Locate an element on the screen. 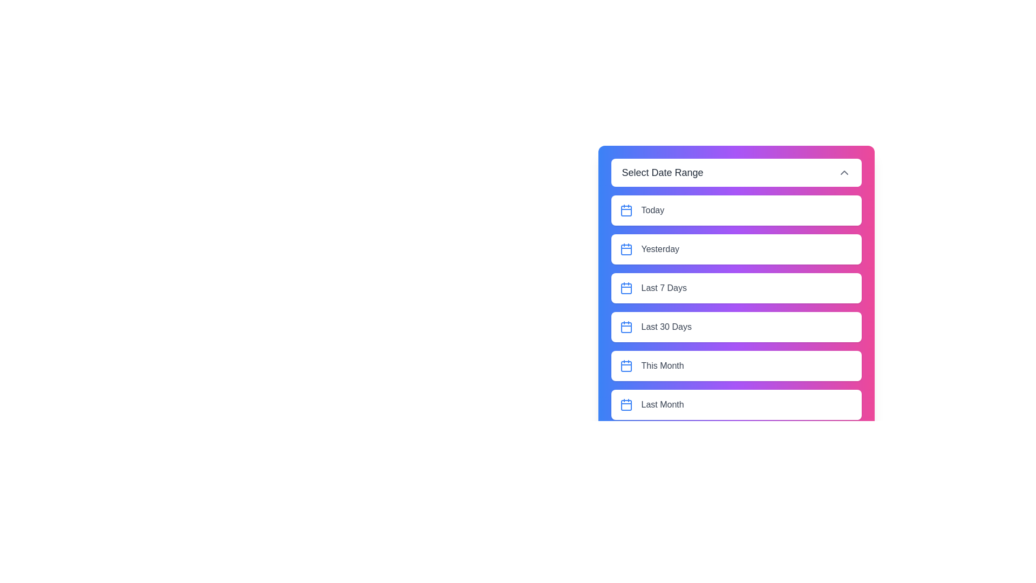  the date range option This Month from the list is located at coordinates (735, 365).